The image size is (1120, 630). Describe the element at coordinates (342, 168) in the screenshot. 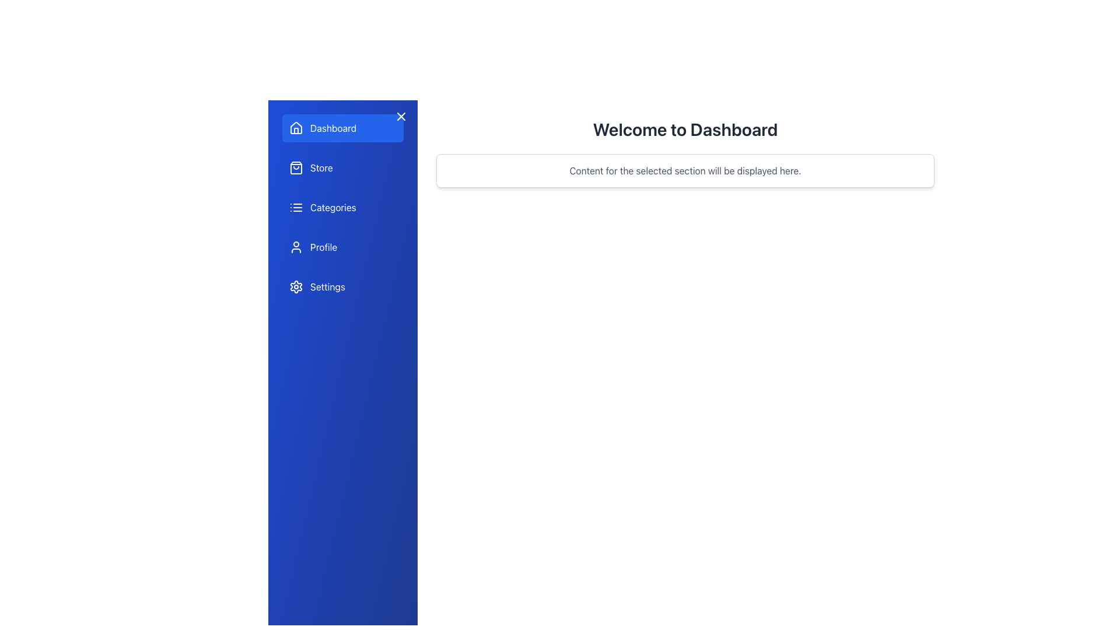

I see `the Navigation Link located on the vertical navigation panel, which is the second item below 'Dashboard'` at that location.